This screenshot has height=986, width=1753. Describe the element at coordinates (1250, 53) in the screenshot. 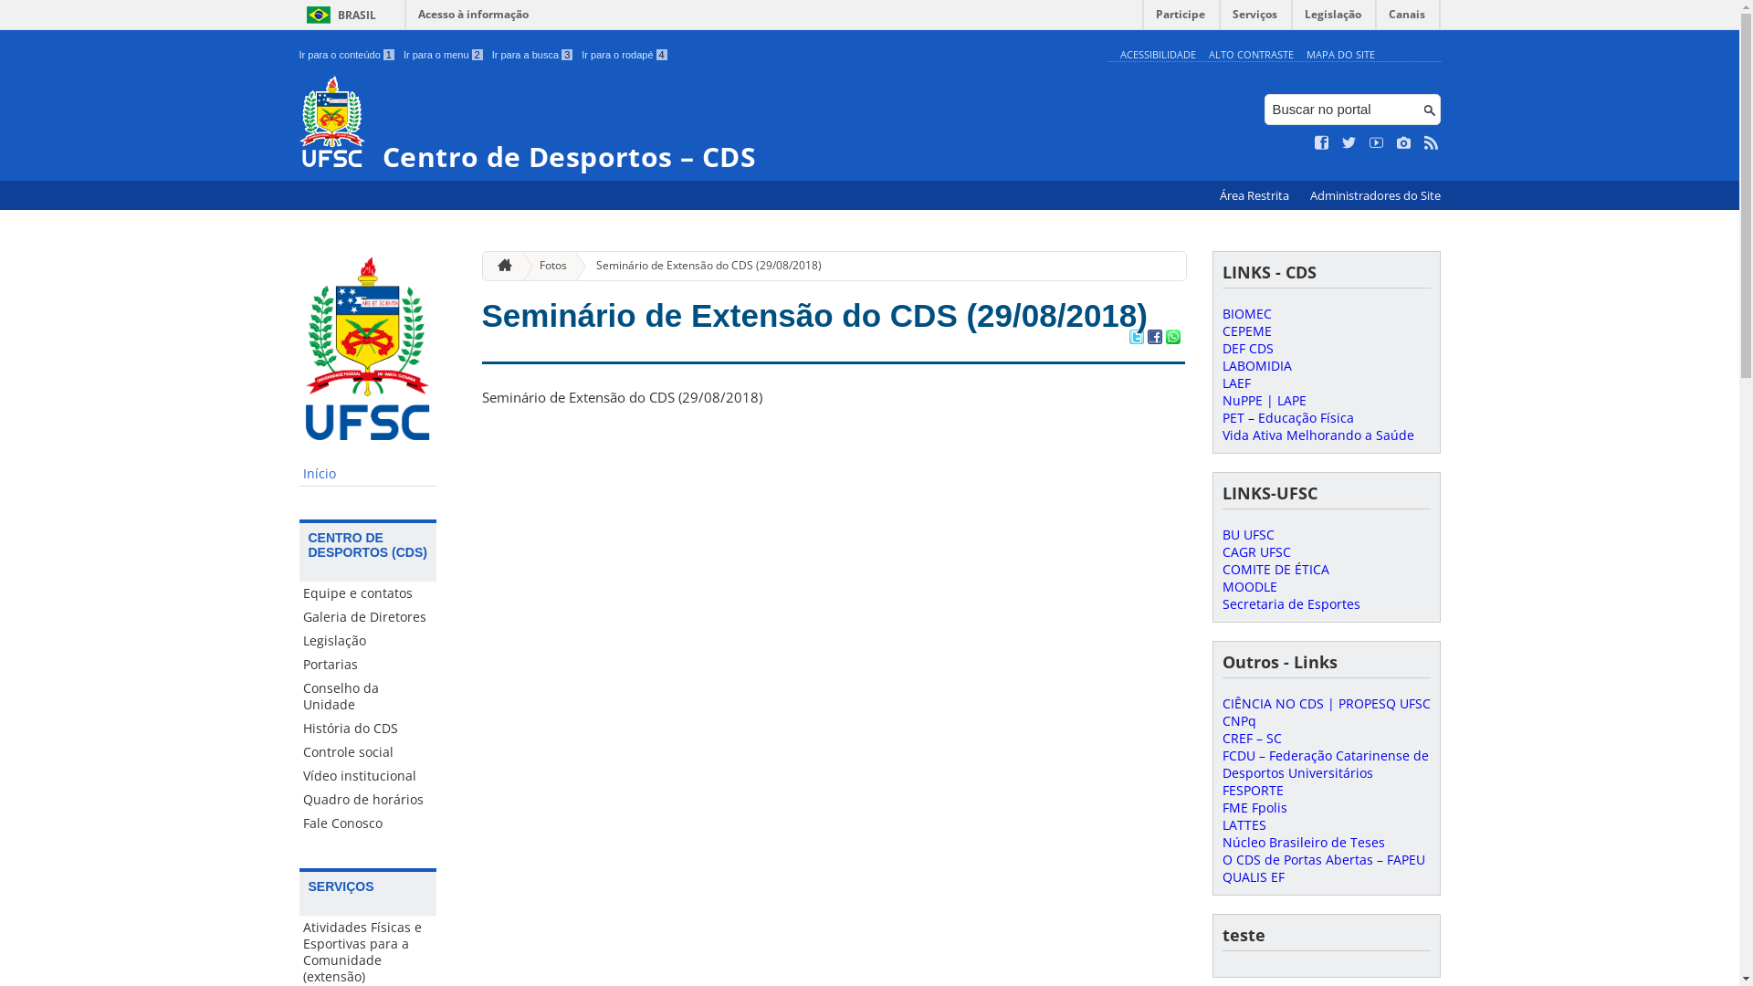

I see `'ALTO CONTRASTE'` at that location.